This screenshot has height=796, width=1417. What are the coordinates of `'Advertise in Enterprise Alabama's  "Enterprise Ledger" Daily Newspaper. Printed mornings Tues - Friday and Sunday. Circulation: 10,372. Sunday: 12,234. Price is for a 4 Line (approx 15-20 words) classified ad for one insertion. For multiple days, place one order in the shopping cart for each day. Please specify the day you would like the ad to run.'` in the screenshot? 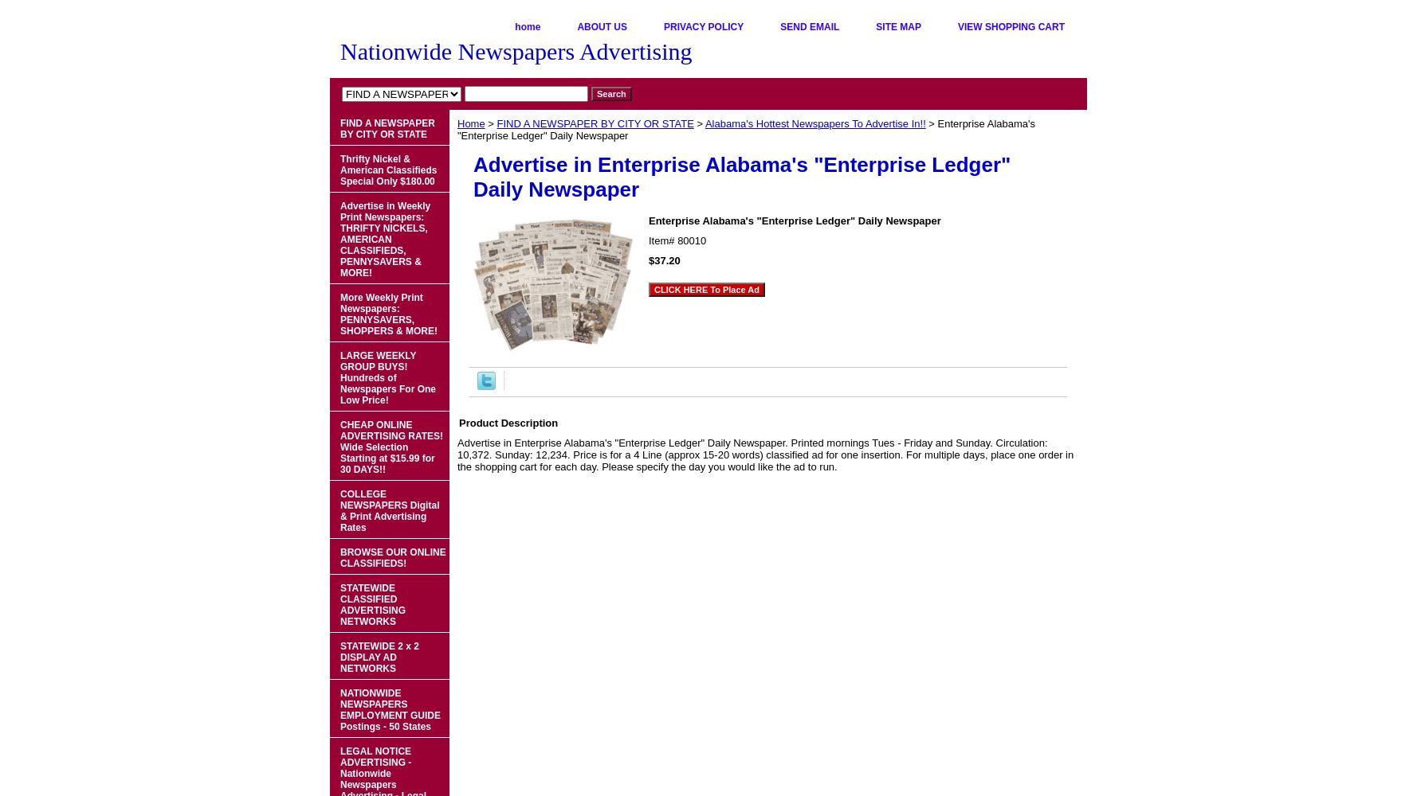 It's located at (764, 454).